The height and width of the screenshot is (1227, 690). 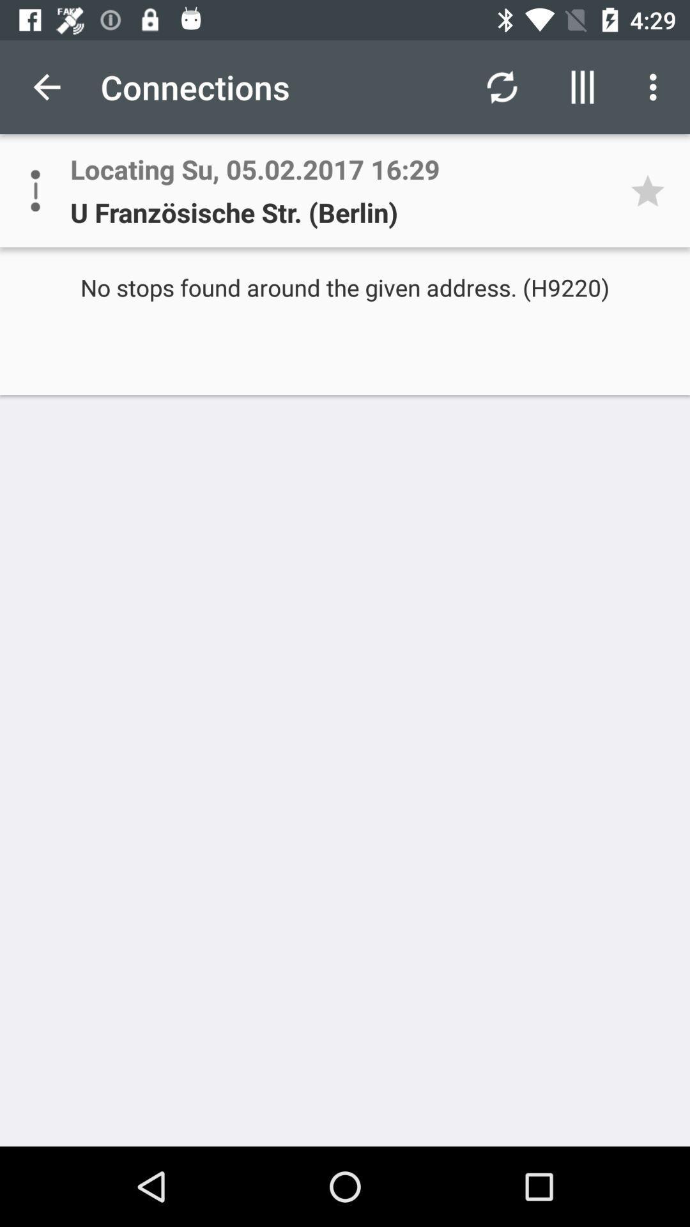 What do you see at coordinates (652, 190) in the screenshot?
I see `the star icon` at bounding box center [652, 190].